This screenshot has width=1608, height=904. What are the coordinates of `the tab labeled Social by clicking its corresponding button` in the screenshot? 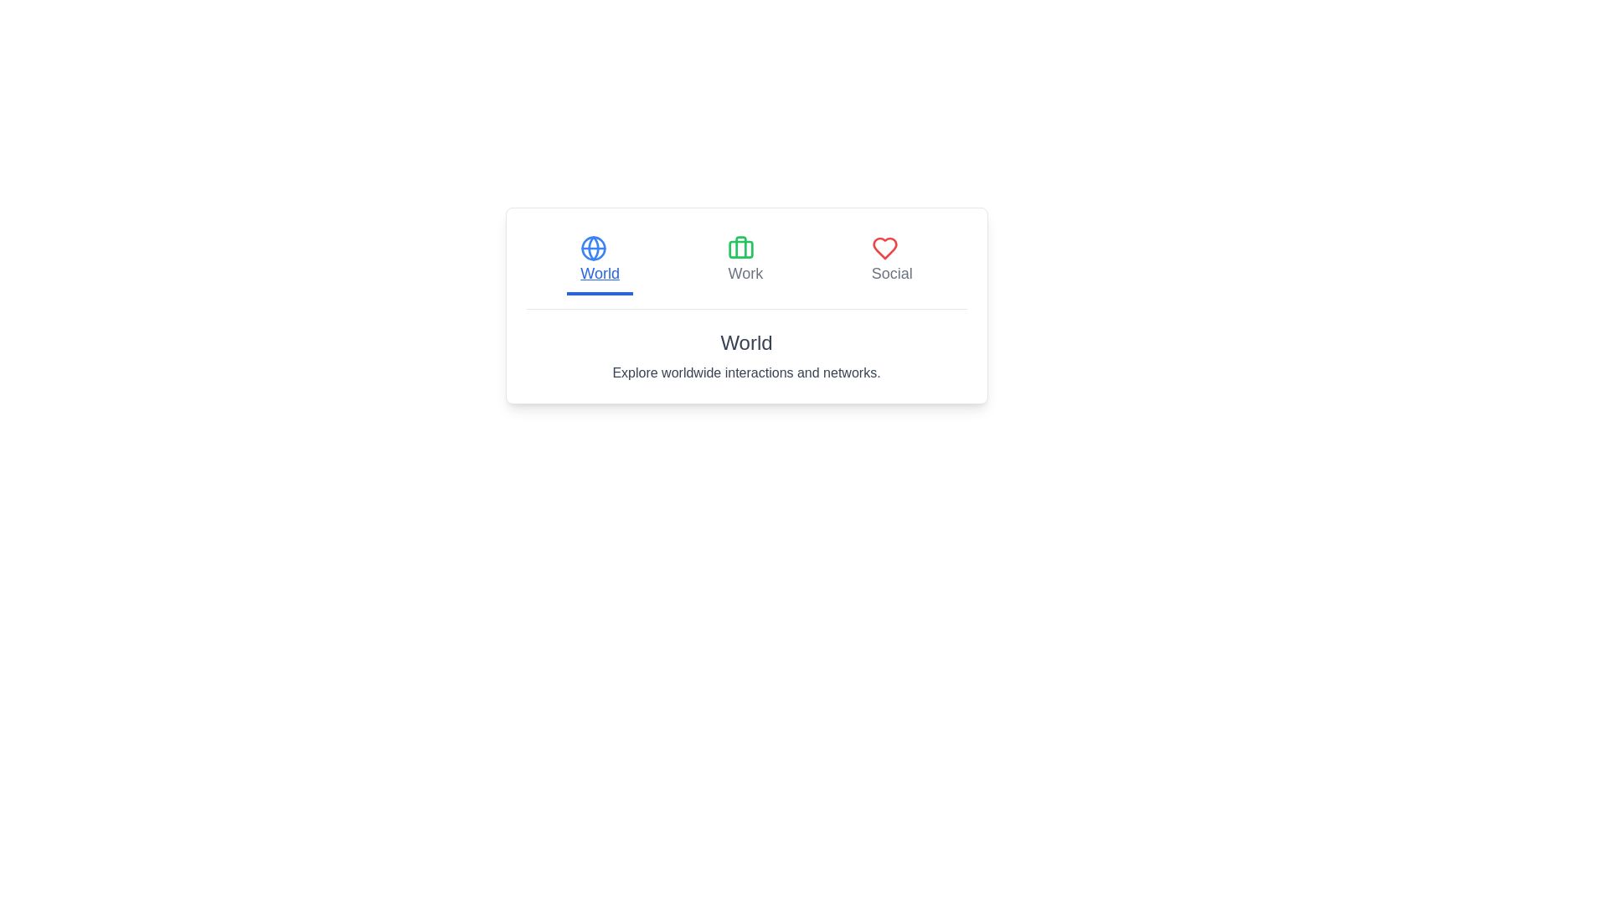 It's located at (891, 261).